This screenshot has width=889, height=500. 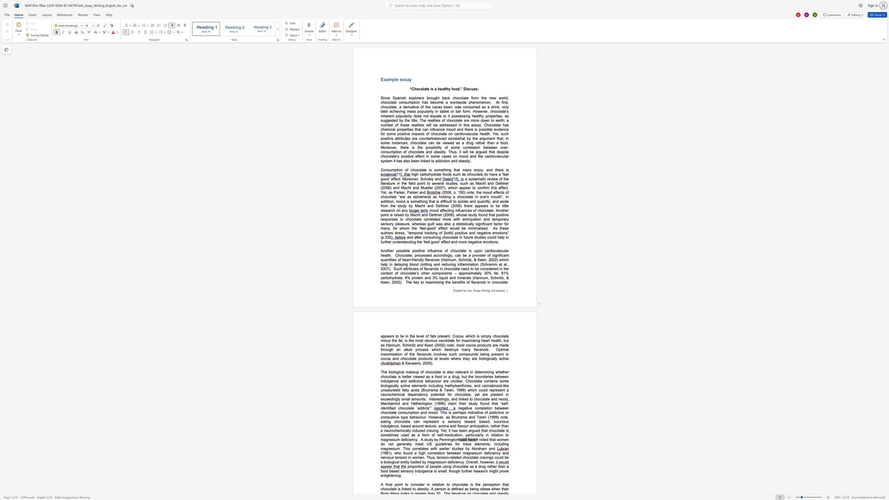 What do you see at coordinates (404, 443) in the screenshot?
I see `the subset text "ral" within the text "generally meet"` at bounding box center [404, 443].